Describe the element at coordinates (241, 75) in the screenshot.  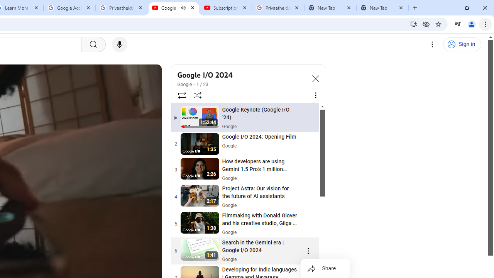
I see `'Google I/O 2024'` at that location.